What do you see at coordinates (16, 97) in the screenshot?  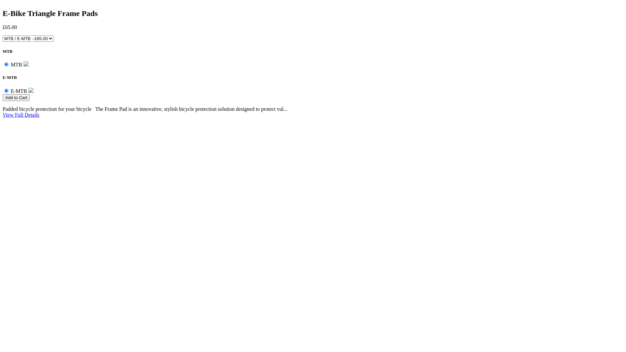 I see `'Add to Cart'` at bounding box center [16, 97].